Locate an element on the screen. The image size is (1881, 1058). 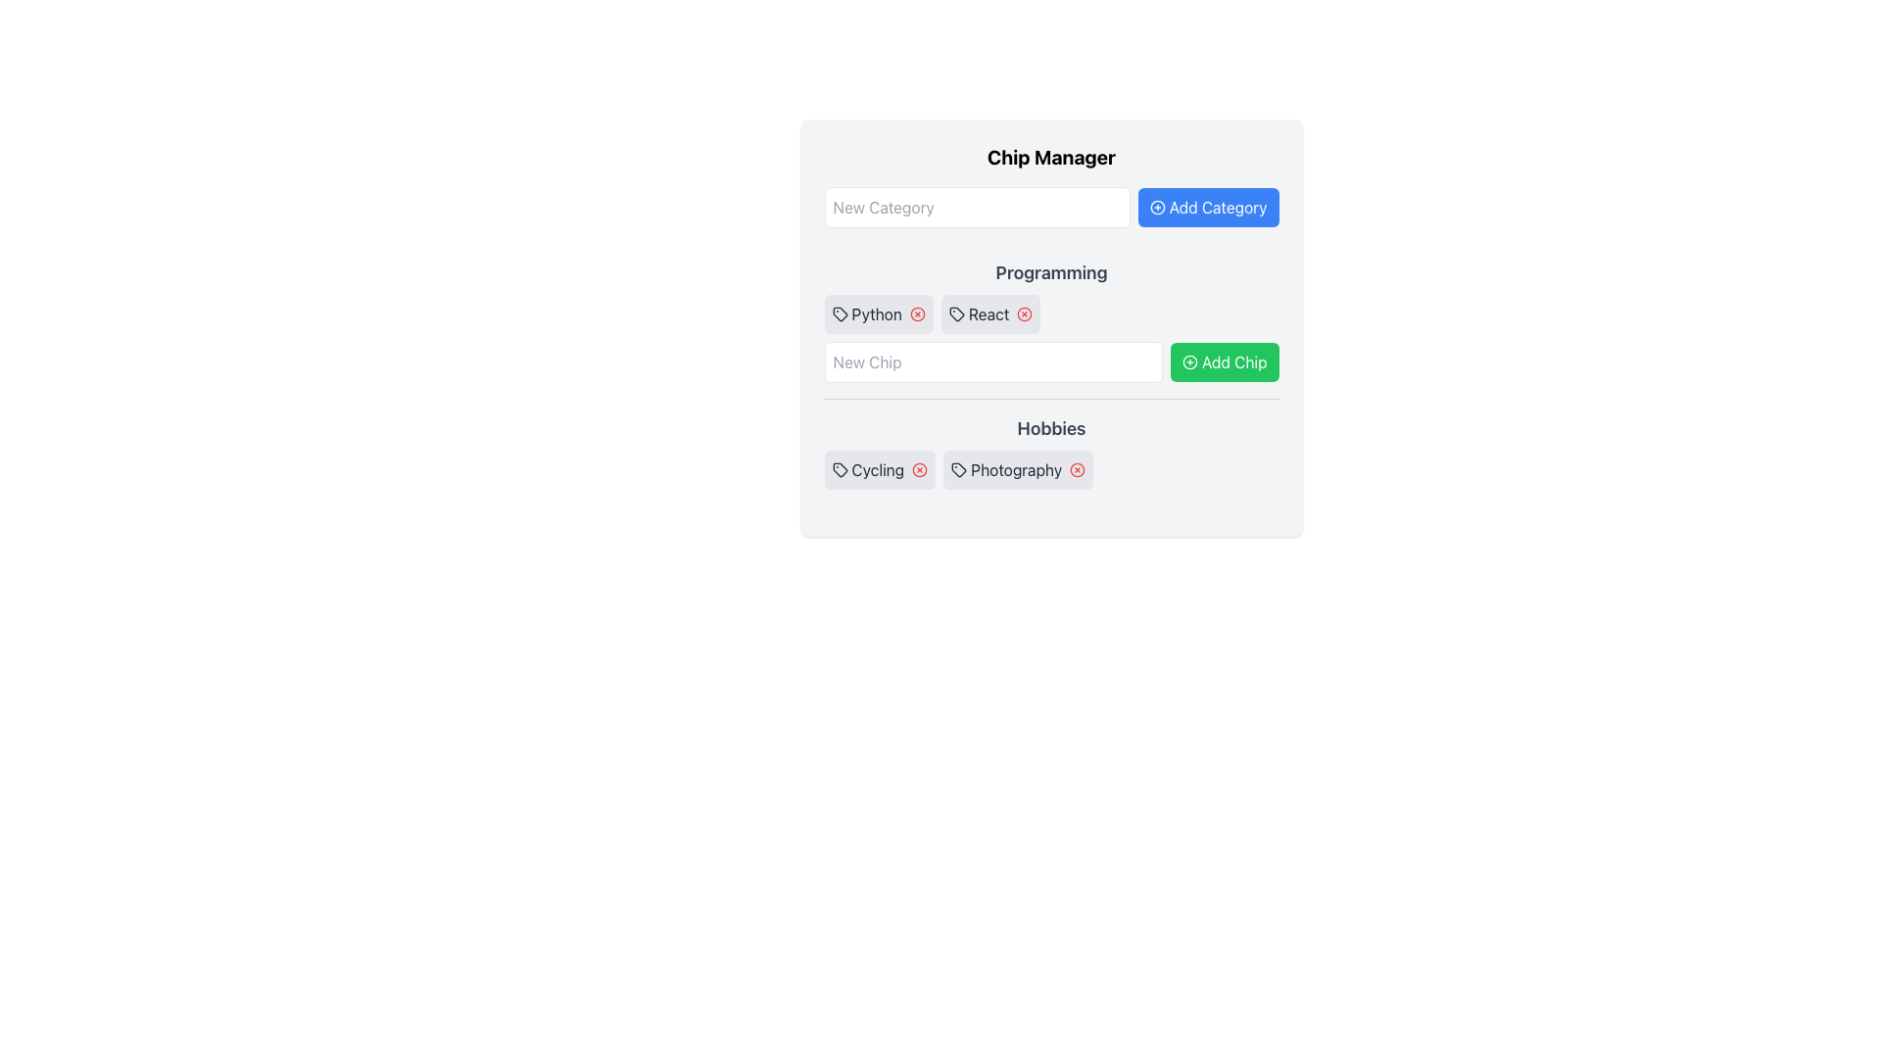
the tag icon in the 'Hobbies' section of the 'Photography' chip, which is located to the left of the text 'Photography' and adjacent to the delete button is located at coordinates (959, 469).